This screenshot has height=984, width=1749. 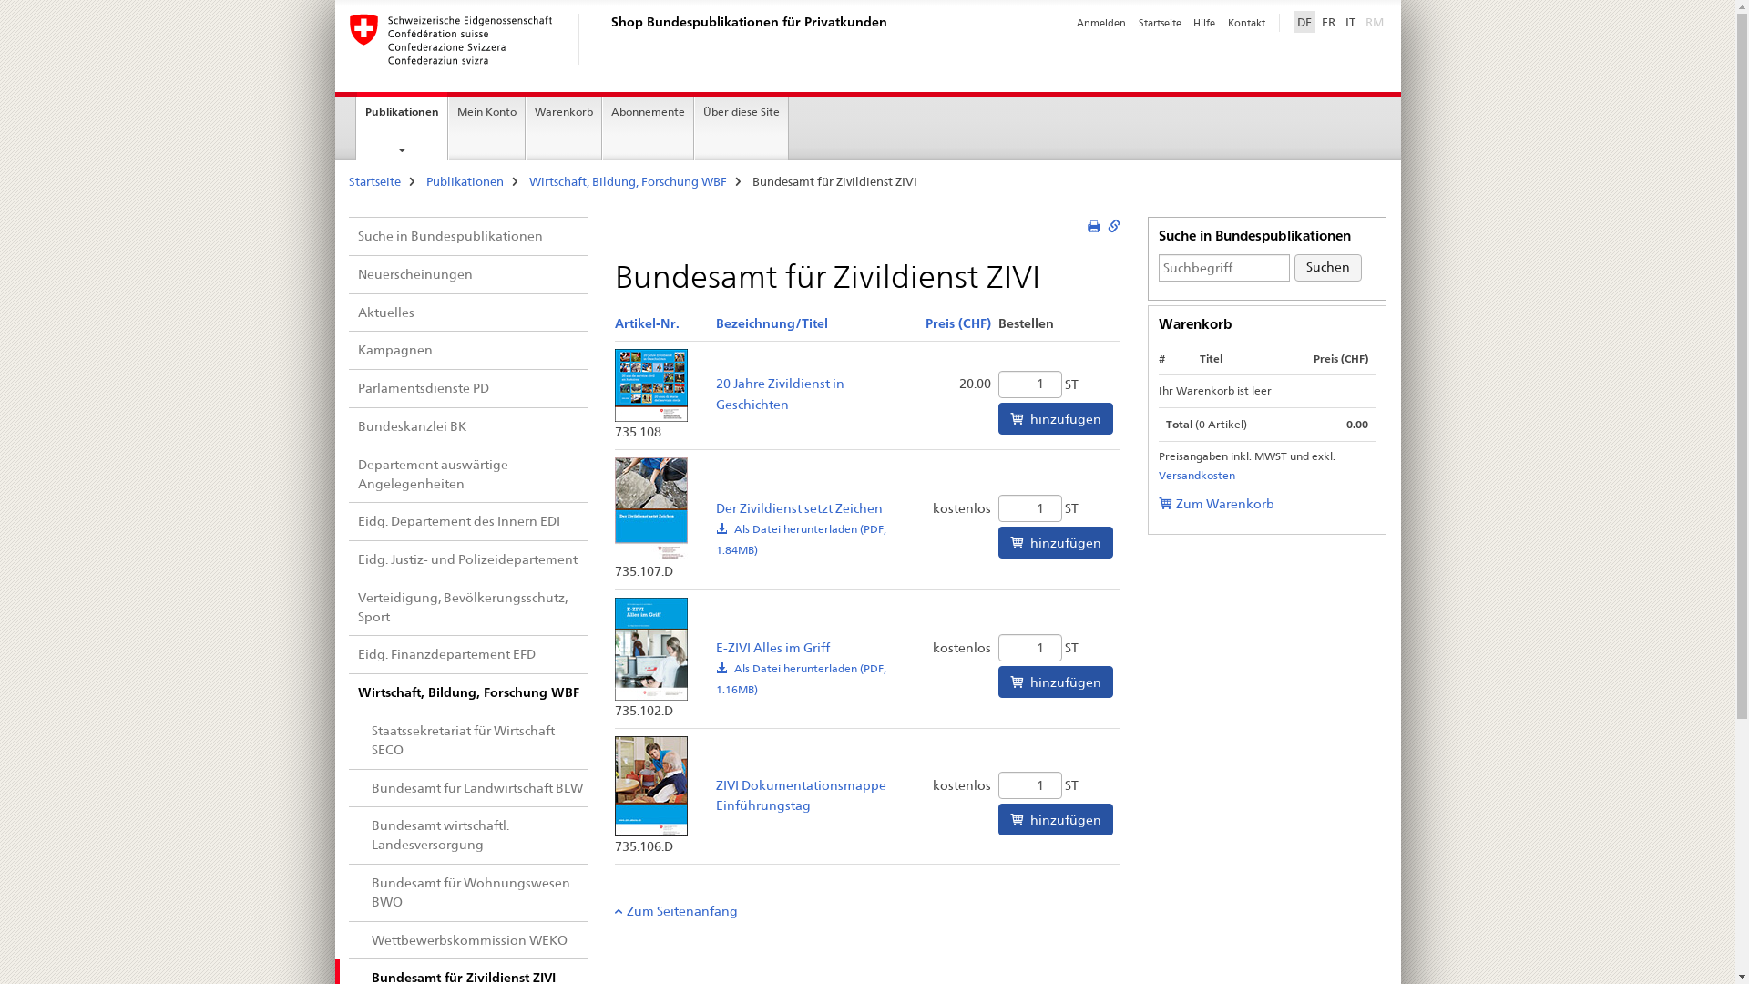 I want to click on 'Aktuelles', so click(x=348, y=312).